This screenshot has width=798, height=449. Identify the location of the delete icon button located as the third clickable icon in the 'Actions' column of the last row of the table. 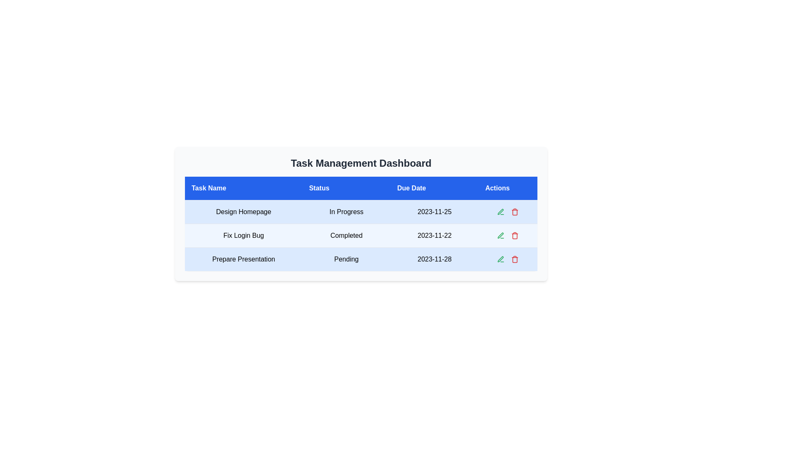
(515, 259).